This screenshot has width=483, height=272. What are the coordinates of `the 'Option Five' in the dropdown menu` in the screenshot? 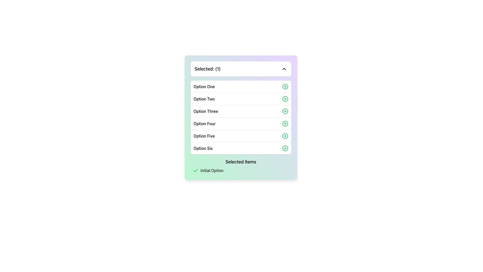 It's located at (240, 135).